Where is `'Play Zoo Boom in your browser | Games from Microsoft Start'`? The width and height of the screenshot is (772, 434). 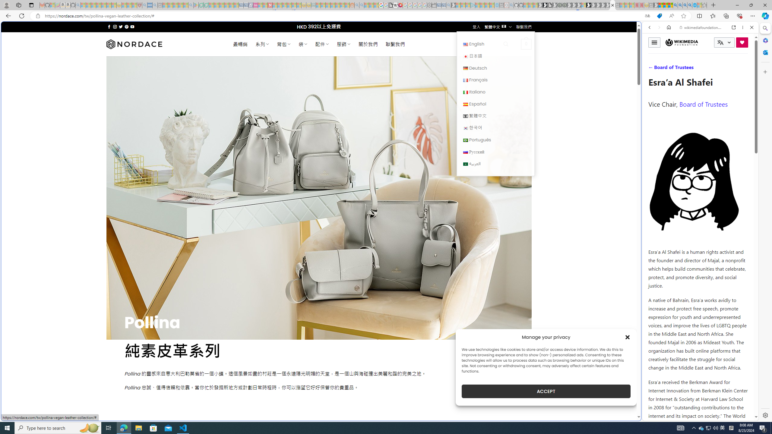
'Play Zoo Boom in your browser | Games from Microsoft Start' is located at coordinates (545, 5).